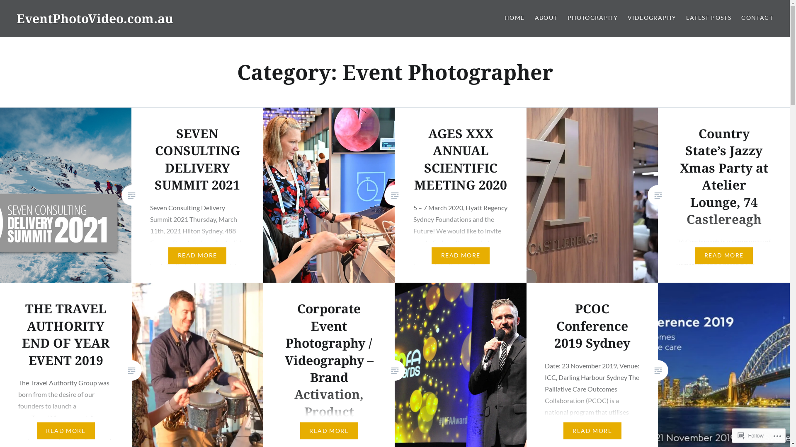  What do you see at coordinates (328, 430) in the screenshot?
I see `'READ MORE'` at bounding box center [328, 430].